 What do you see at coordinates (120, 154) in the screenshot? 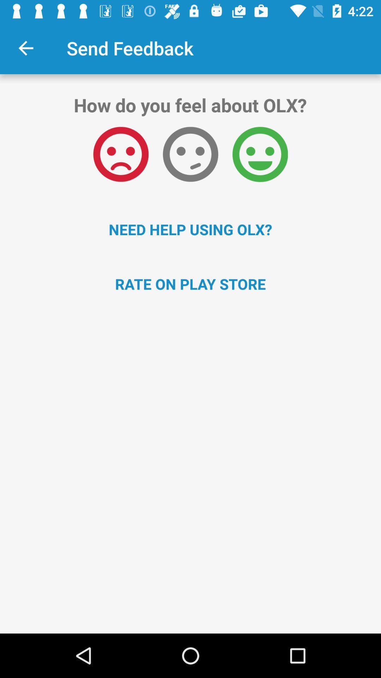
I see `icon above the need help using item` at bounding box center [120, 154].